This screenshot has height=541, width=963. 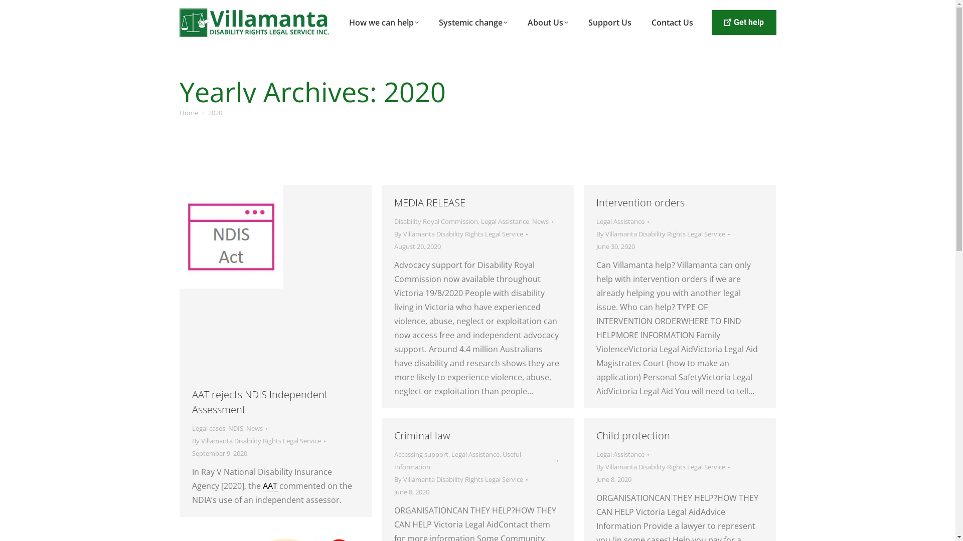 I want to click on 'Disability Royal Commission', so click(x=436, y=221).